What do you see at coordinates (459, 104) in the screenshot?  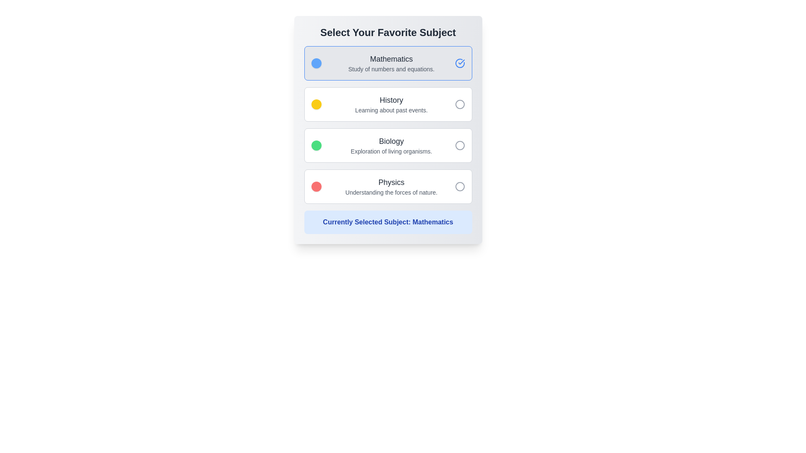 I see `the outlined circular gray icon associated with the 'History' item` at bounding box center [459, 104].